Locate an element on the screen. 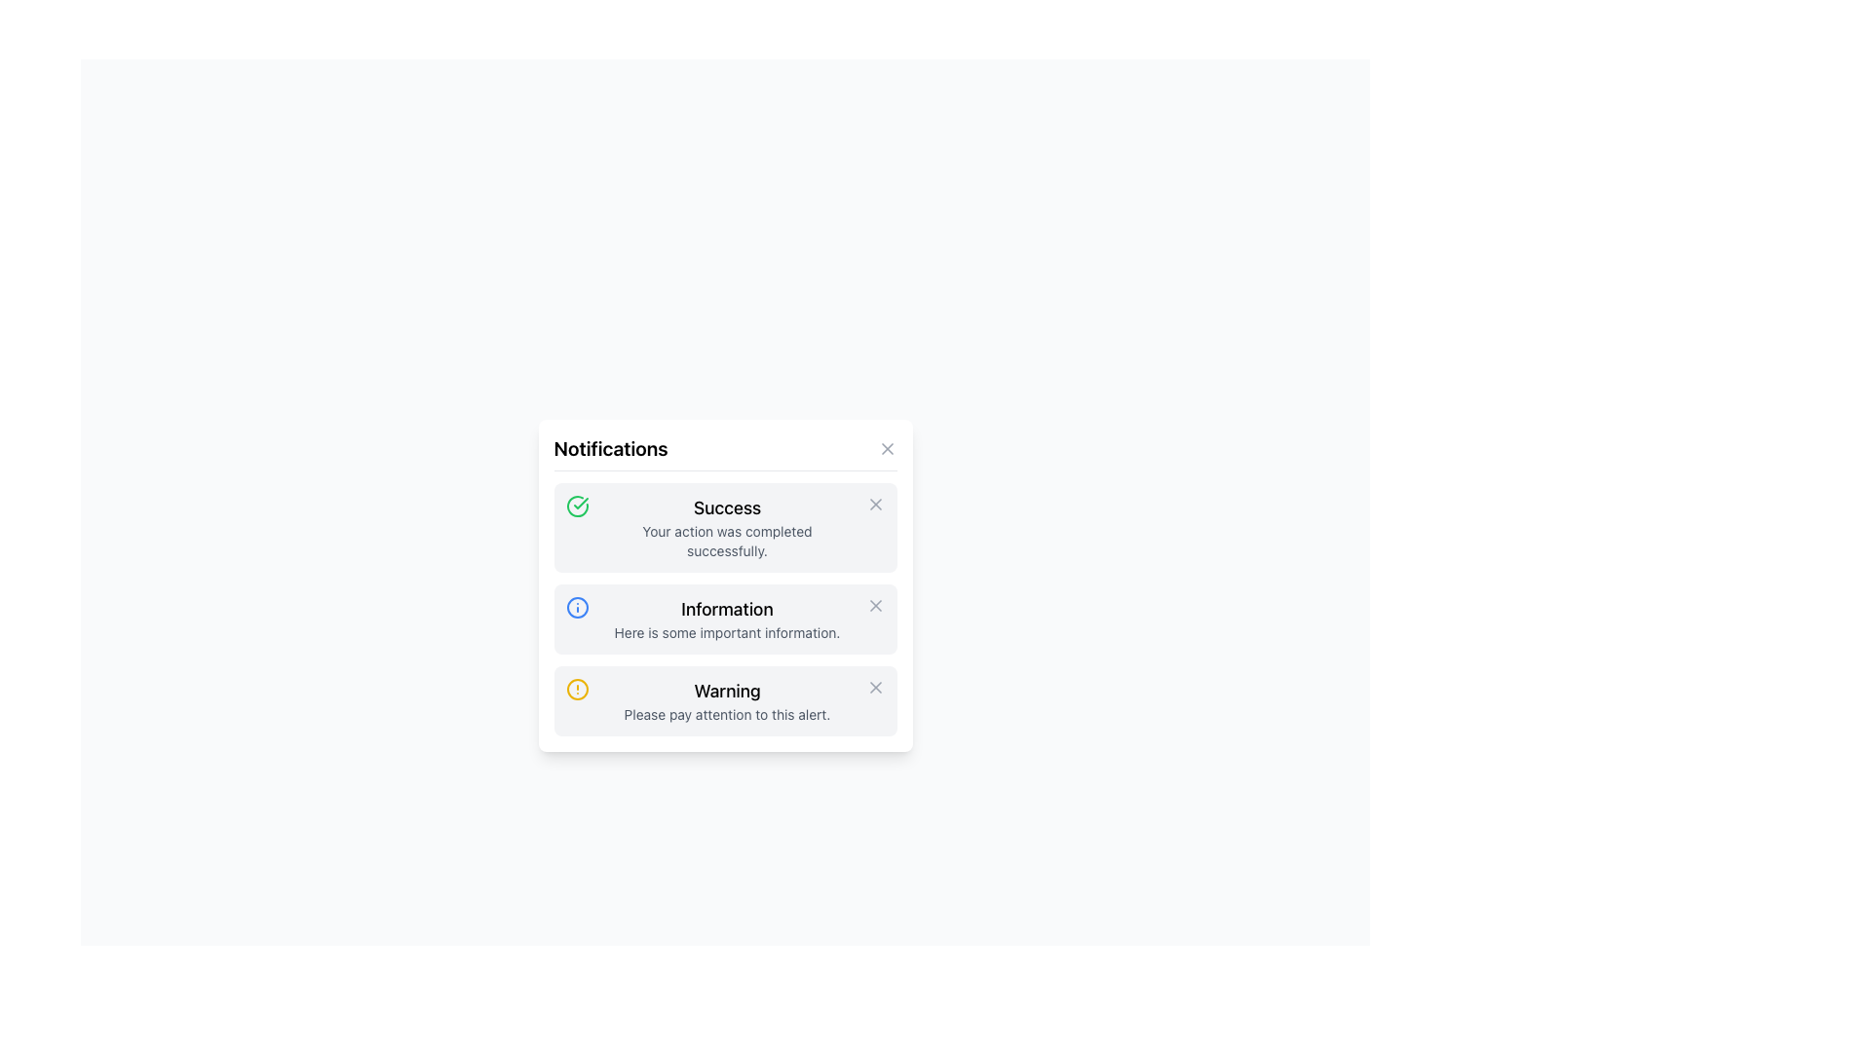 The width and height of the screenshot is (1871, 1052). information displayed in the Notification card, which features a blue circular 'i' icon, a bold title 'Information', and a description stating 'Here is some important information.' is located at coordinates (724, 619).